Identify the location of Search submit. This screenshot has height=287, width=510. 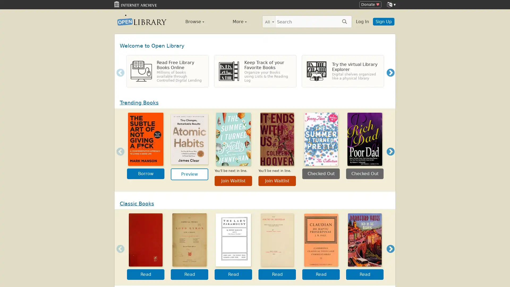
(344, 21).